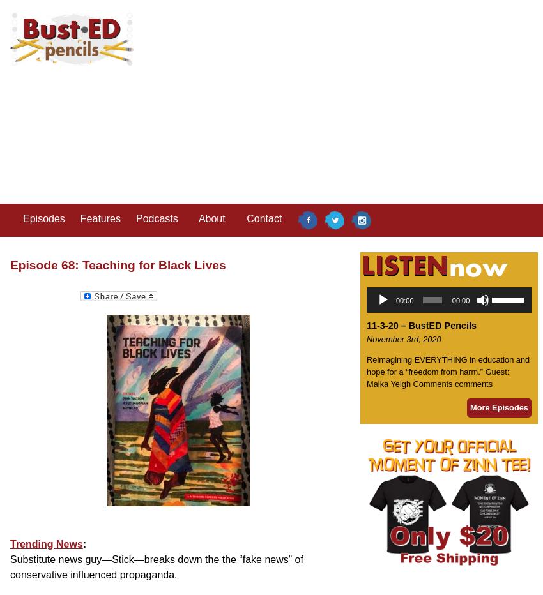  I want to click on 'Activist of the Week', so click(133, 301).